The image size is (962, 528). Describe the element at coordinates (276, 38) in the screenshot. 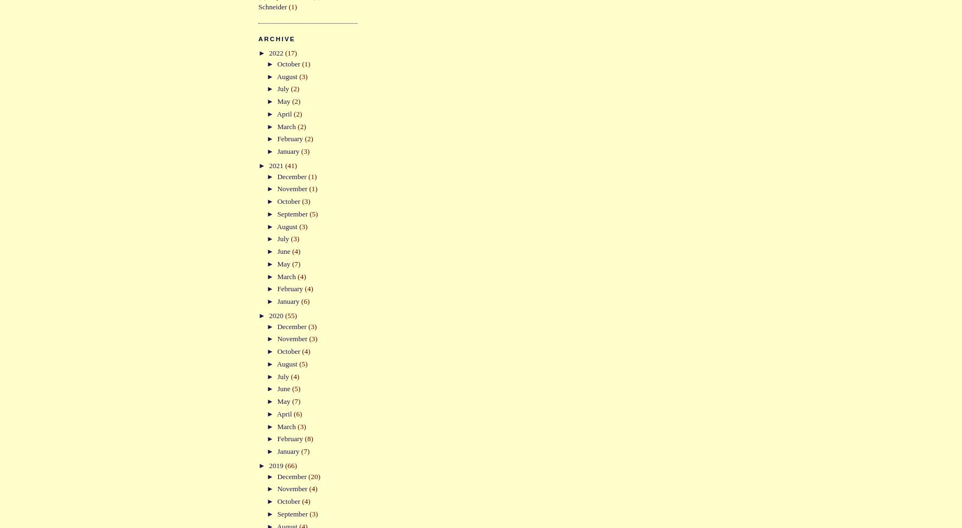

I see `'Archive'` at that location.